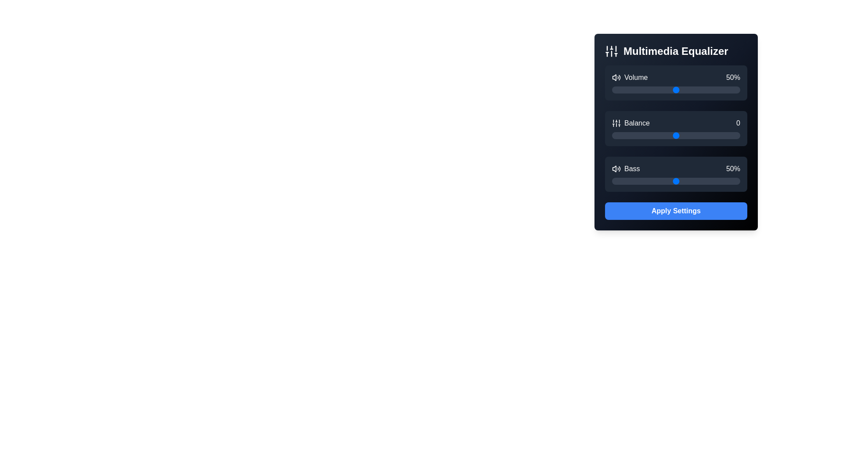 This screenshot has height=474, width=843. What do you see at coordinates (687, 180) in the screenshot?
I see `the bass level` at bounding box center [687, 180].